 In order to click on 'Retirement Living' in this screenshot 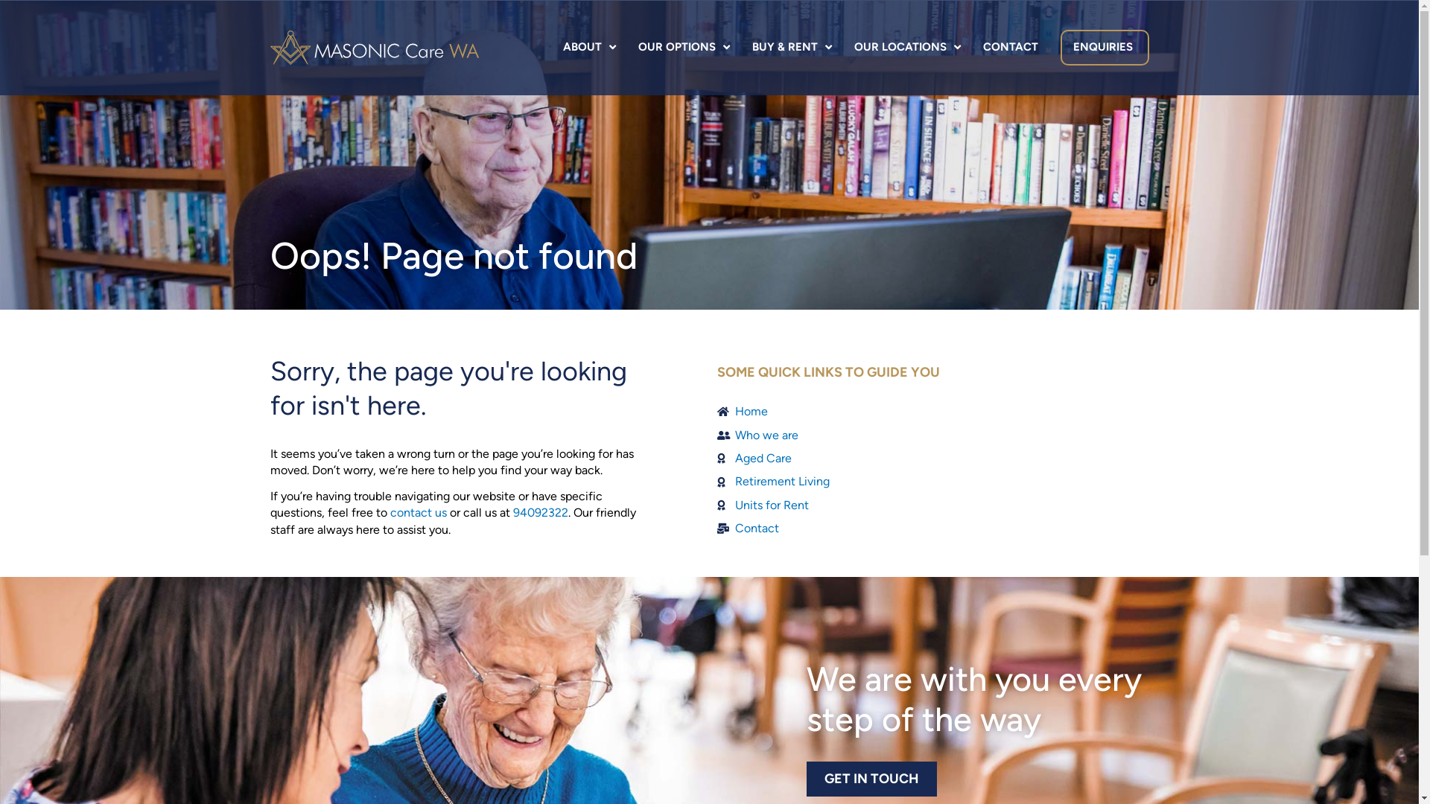, I will do `click(932, 482)`.